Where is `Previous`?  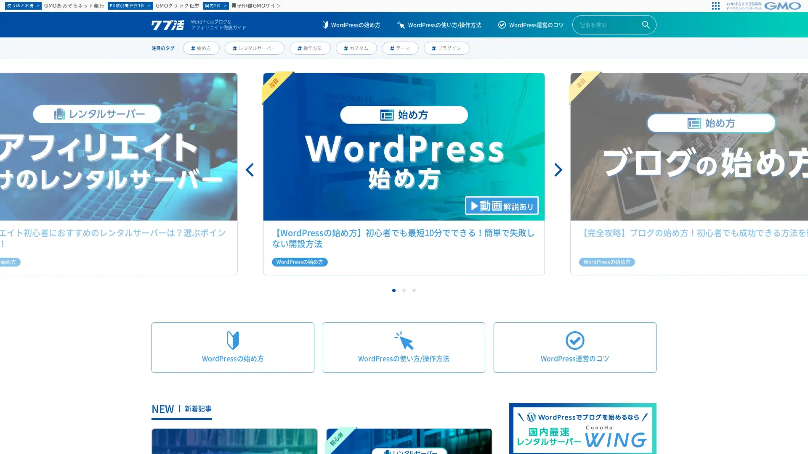
Previous is located at coordinates (250, 170).